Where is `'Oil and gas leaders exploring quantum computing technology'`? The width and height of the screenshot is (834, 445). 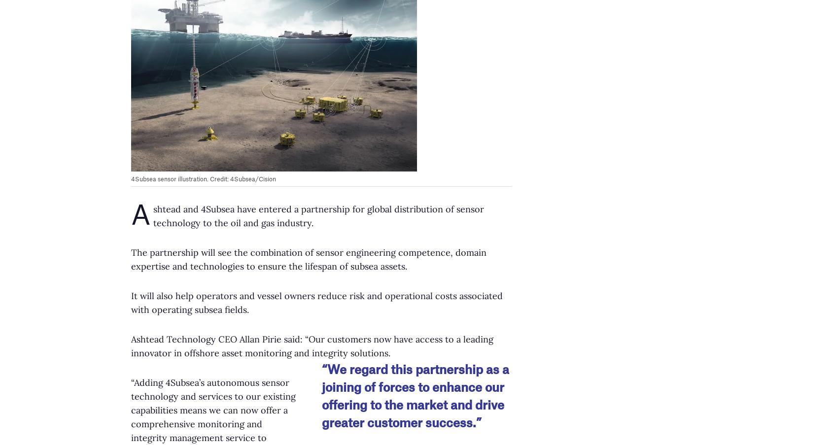
'Oil and gas leaders exploring quantum computing technology' is located at coordinates (676, 375).